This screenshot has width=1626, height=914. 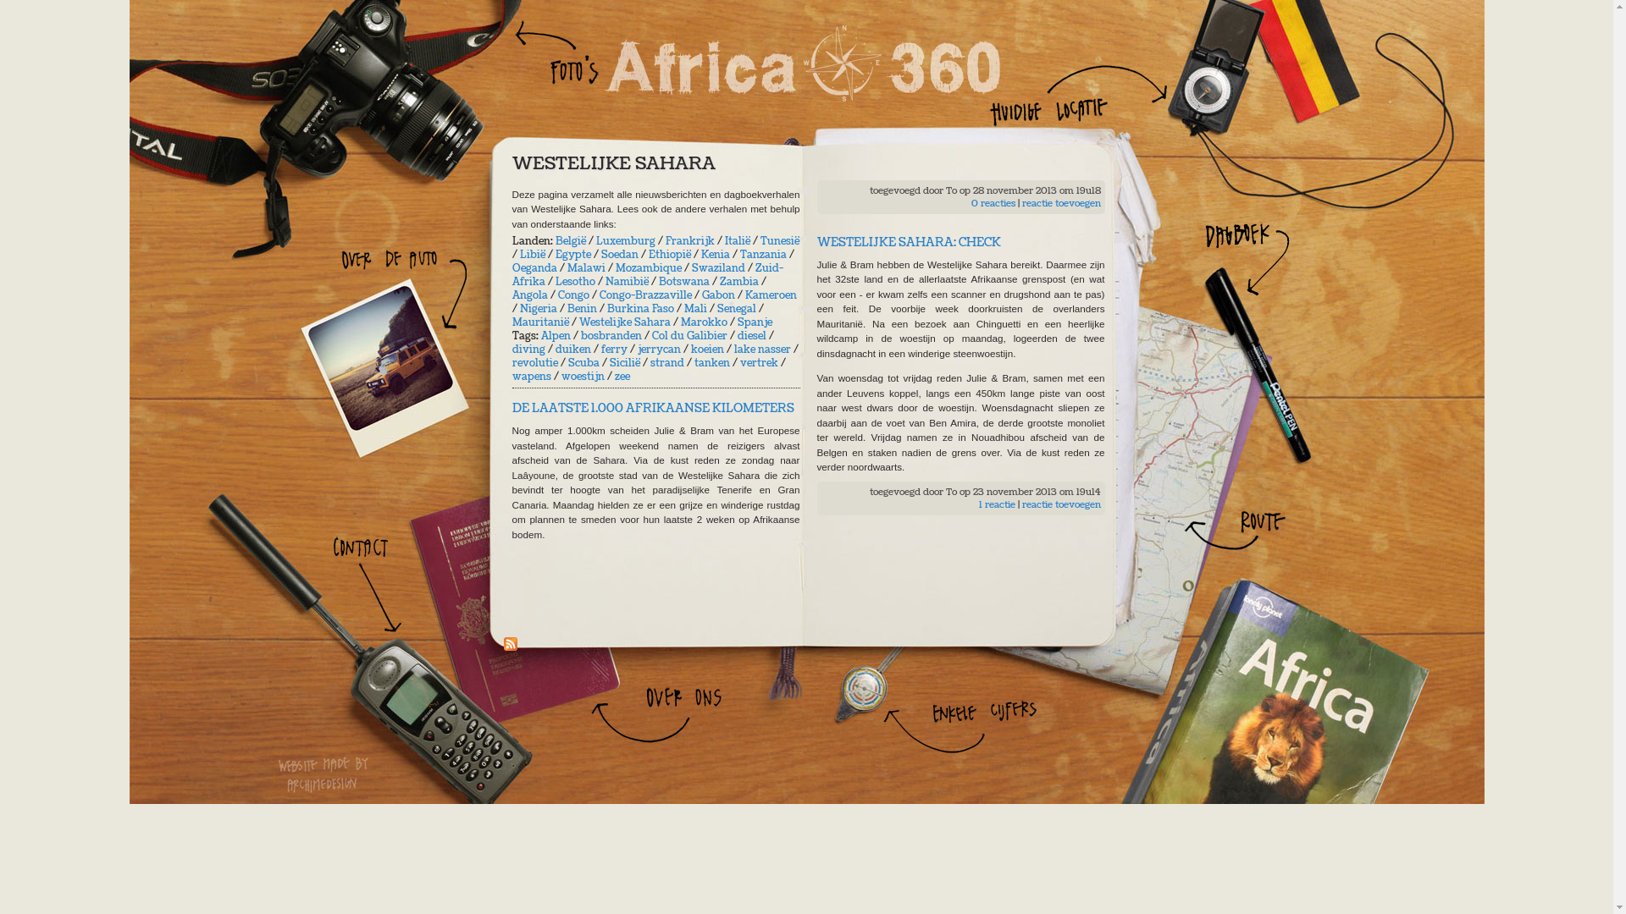 What do you see at coordinates (717, 267) in the screenshot?
I see `'Swaziland'` at bounding box center [717, 267].